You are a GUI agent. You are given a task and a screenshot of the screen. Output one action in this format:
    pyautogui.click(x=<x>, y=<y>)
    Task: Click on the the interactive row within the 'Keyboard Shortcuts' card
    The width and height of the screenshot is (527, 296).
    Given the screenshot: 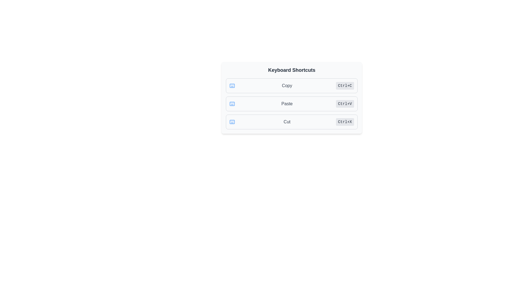 What is the action you would take?
    pyautogui.click(x=291, y=104)
    